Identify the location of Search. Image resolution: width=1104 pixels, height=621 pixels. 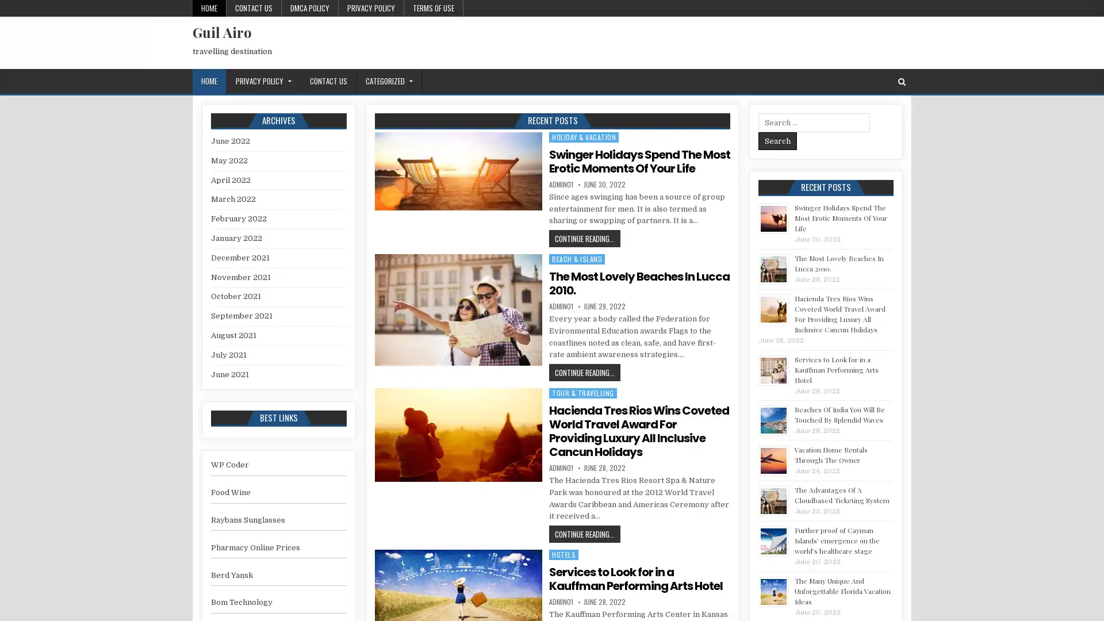
(777, 140).